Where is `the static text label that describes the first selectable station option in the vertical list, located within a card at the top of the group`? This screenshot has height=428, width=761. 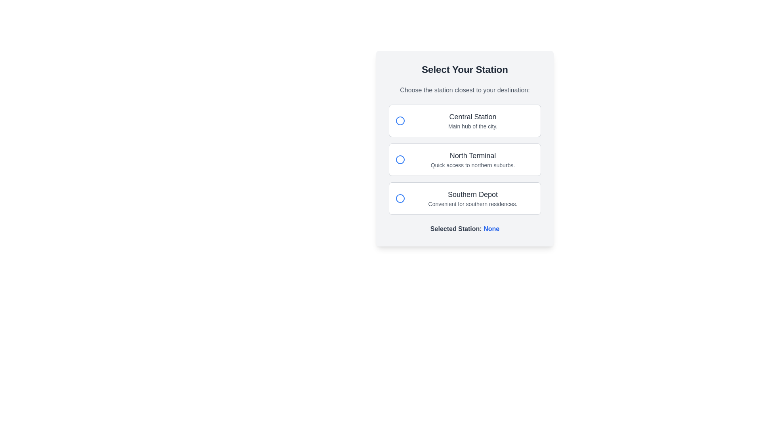 the static text label that describes the first selectable station option in the vertical list, located within a card at the top of the group is located at coordinates (473, 120).